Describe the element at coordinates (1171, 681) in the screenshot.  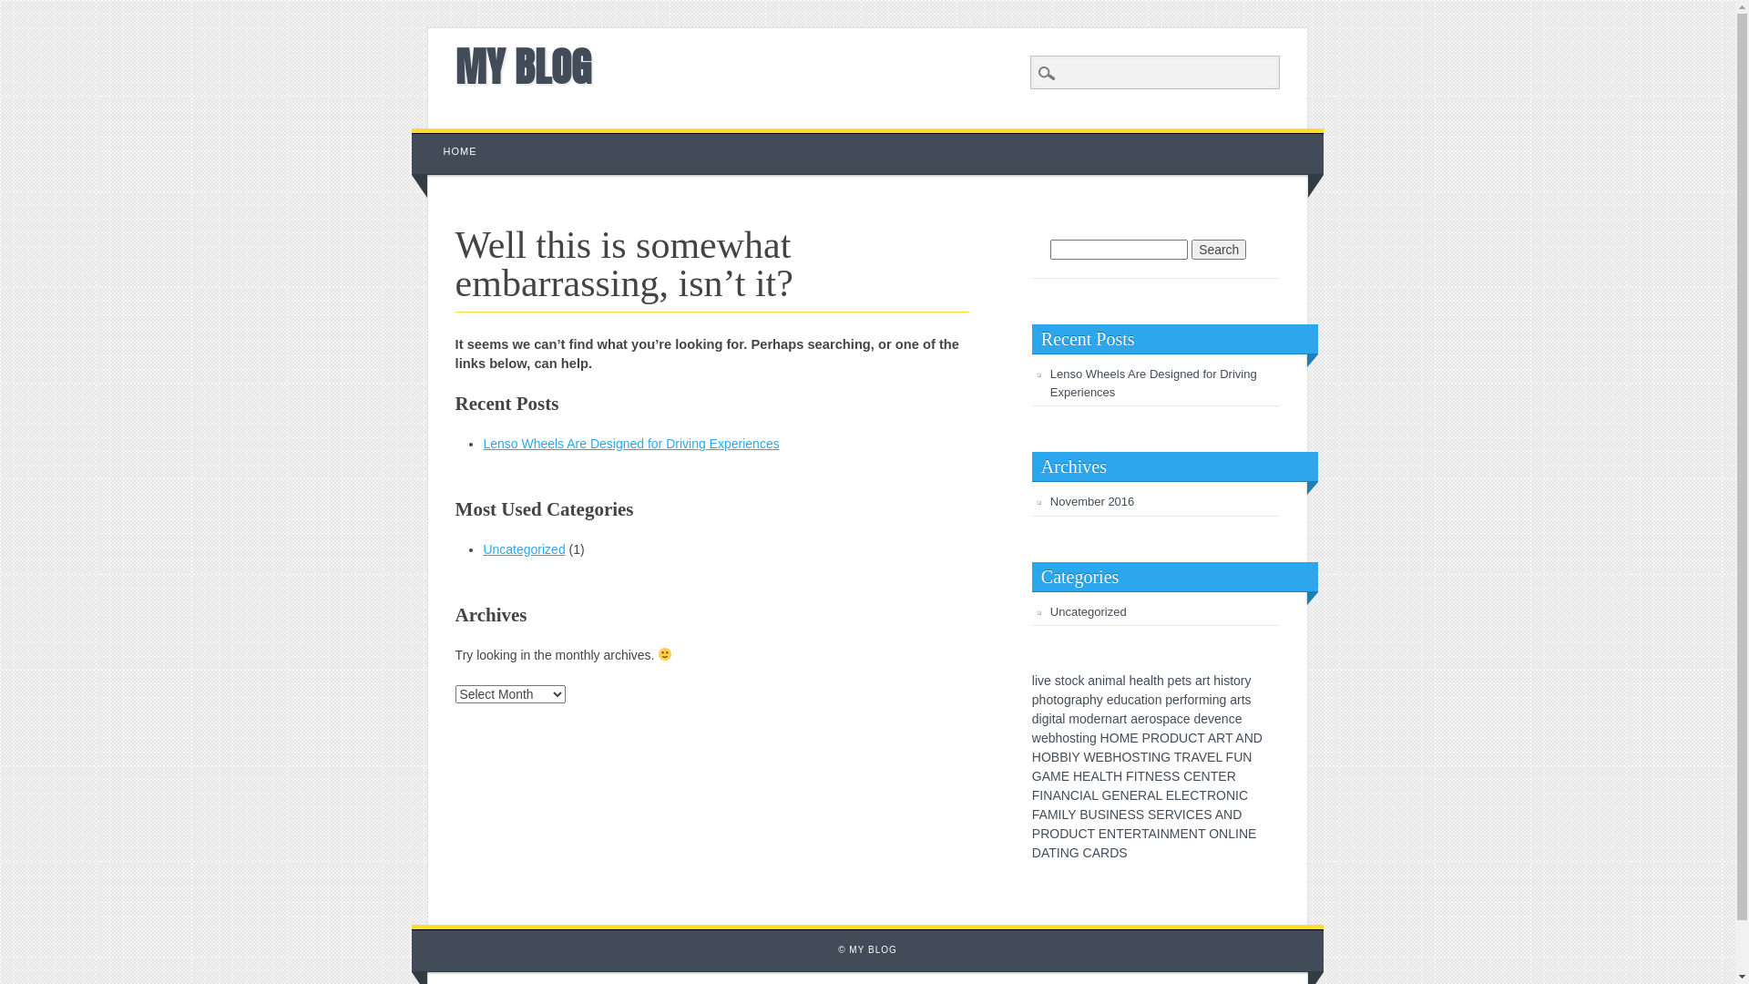
I see `'p'` at that location.